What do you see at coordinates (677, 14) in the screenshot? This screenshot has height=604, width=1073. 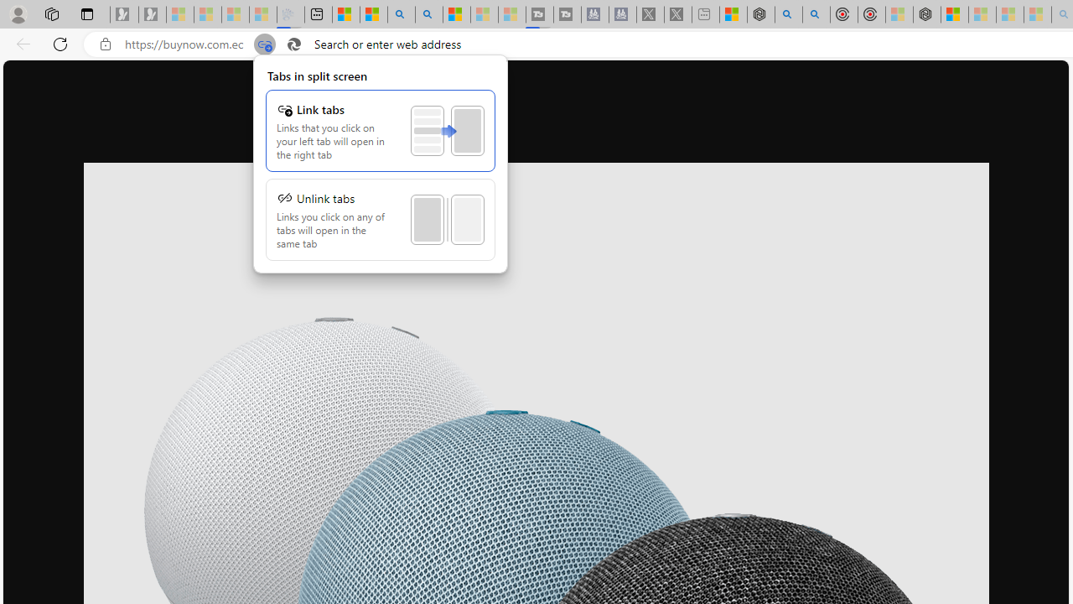 I see `'X - Sleeping'` at bounding box center [677, 14].